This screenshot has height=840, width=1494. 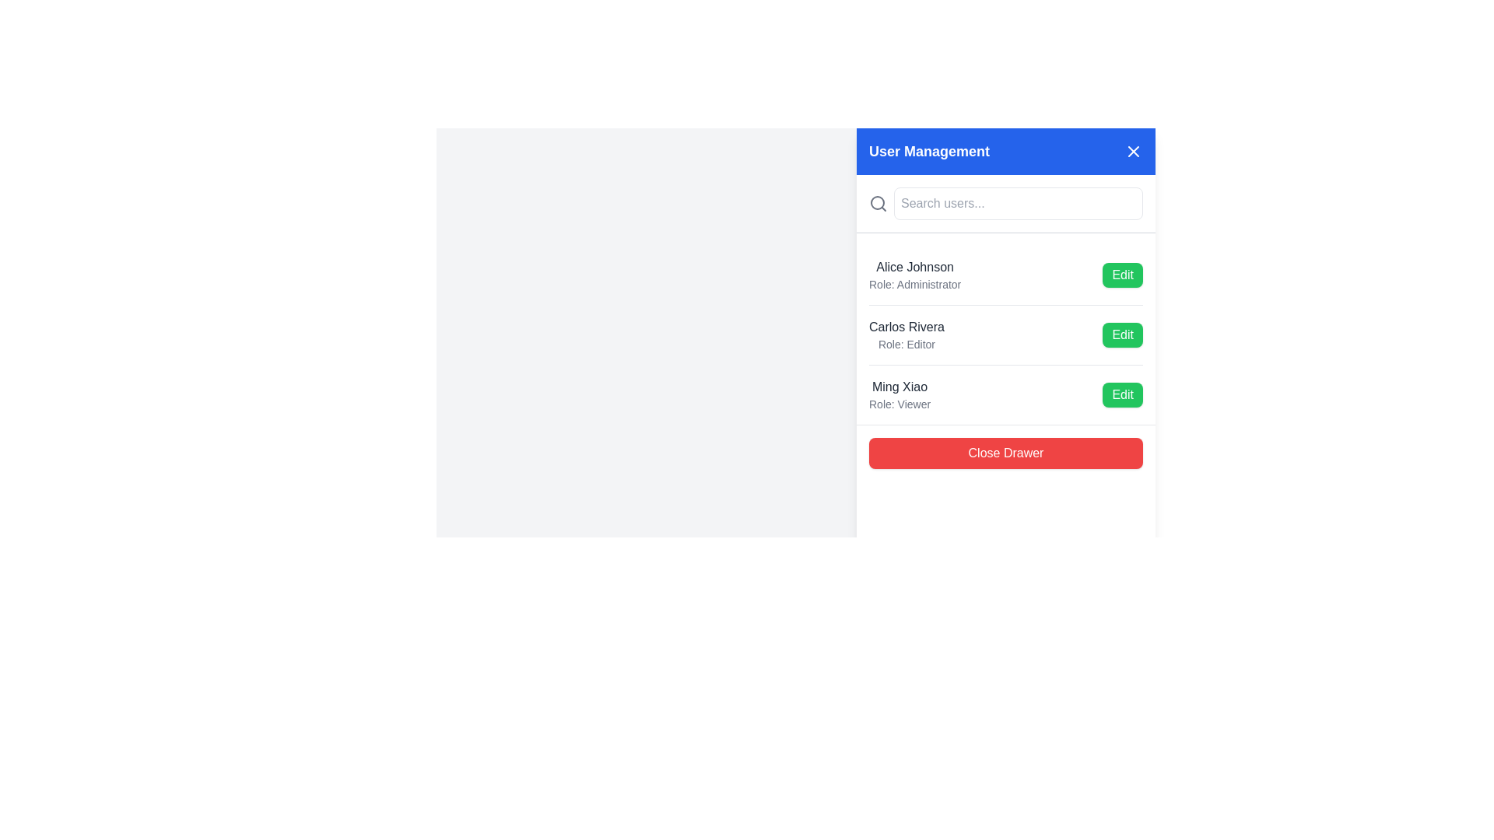 I want to click on the prominently styled 'Close Drawer' button located at the bottom of the 'User Management' sidebar using keyboard navigation, so click(x=1005, y=453).